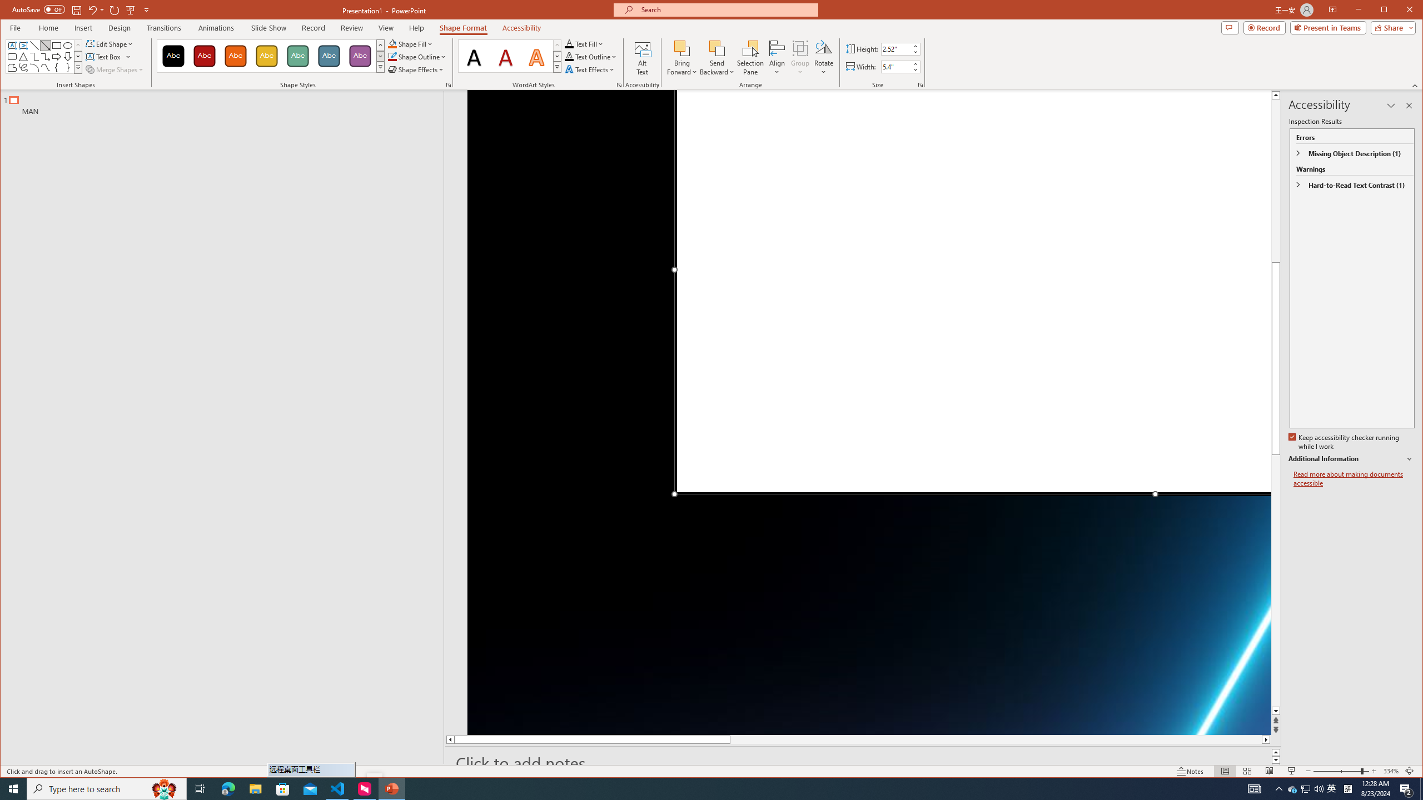 This screenshot has width=1423, height=800. Describe the element at coordinates (415, 69) in the screenshot. I see `'Shape Effects'` at that location.